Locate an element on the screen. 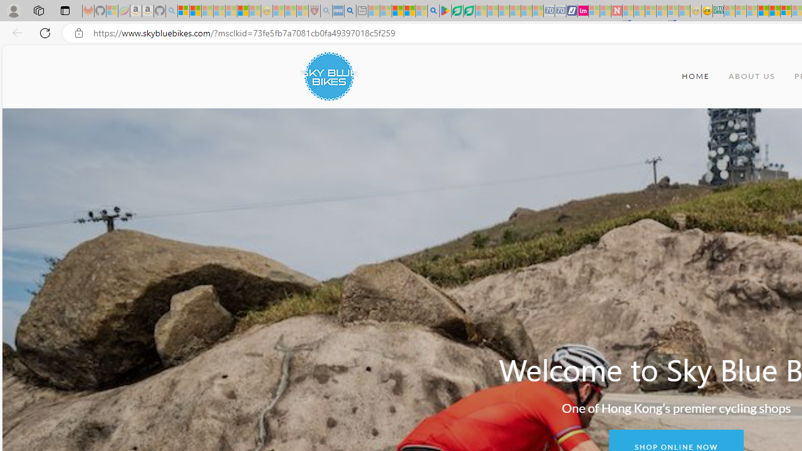 This screenshot has height=451, width=802. 'New Report Confirms 2023 Was Record Hot | Watch - Sleeping' is located at coordinates (231, 11).